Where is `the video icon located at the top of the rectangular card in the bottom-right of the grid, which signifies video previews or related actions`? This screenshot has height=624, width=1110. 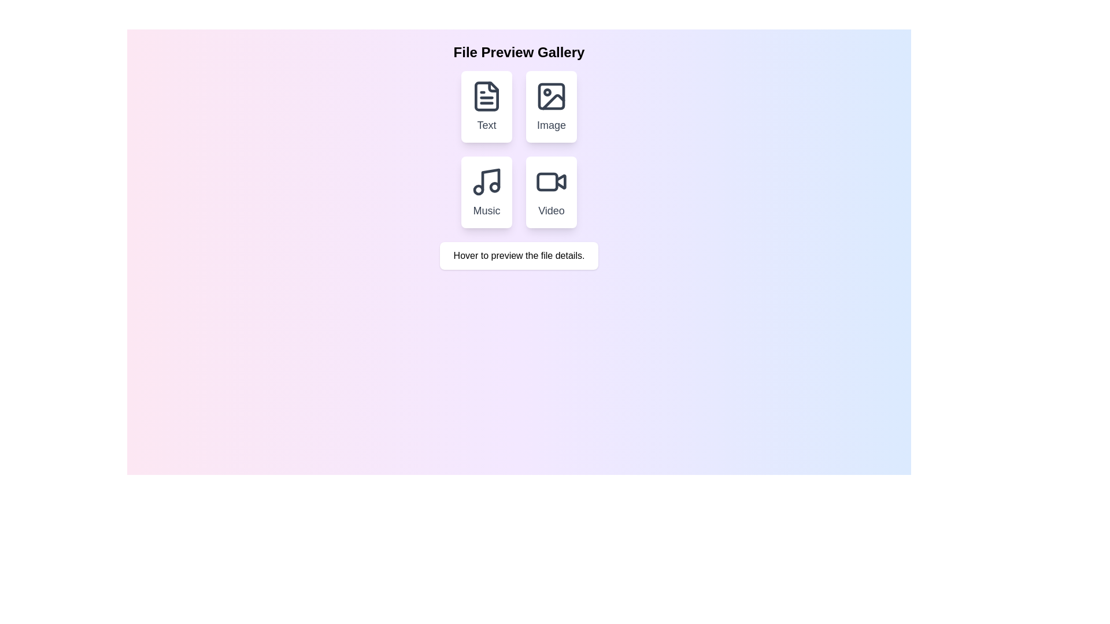 the video icon located at the top of the rectangular card in the bottom-right of the grid, which signifies video previews or related actions is located at coordinates (551, 182).